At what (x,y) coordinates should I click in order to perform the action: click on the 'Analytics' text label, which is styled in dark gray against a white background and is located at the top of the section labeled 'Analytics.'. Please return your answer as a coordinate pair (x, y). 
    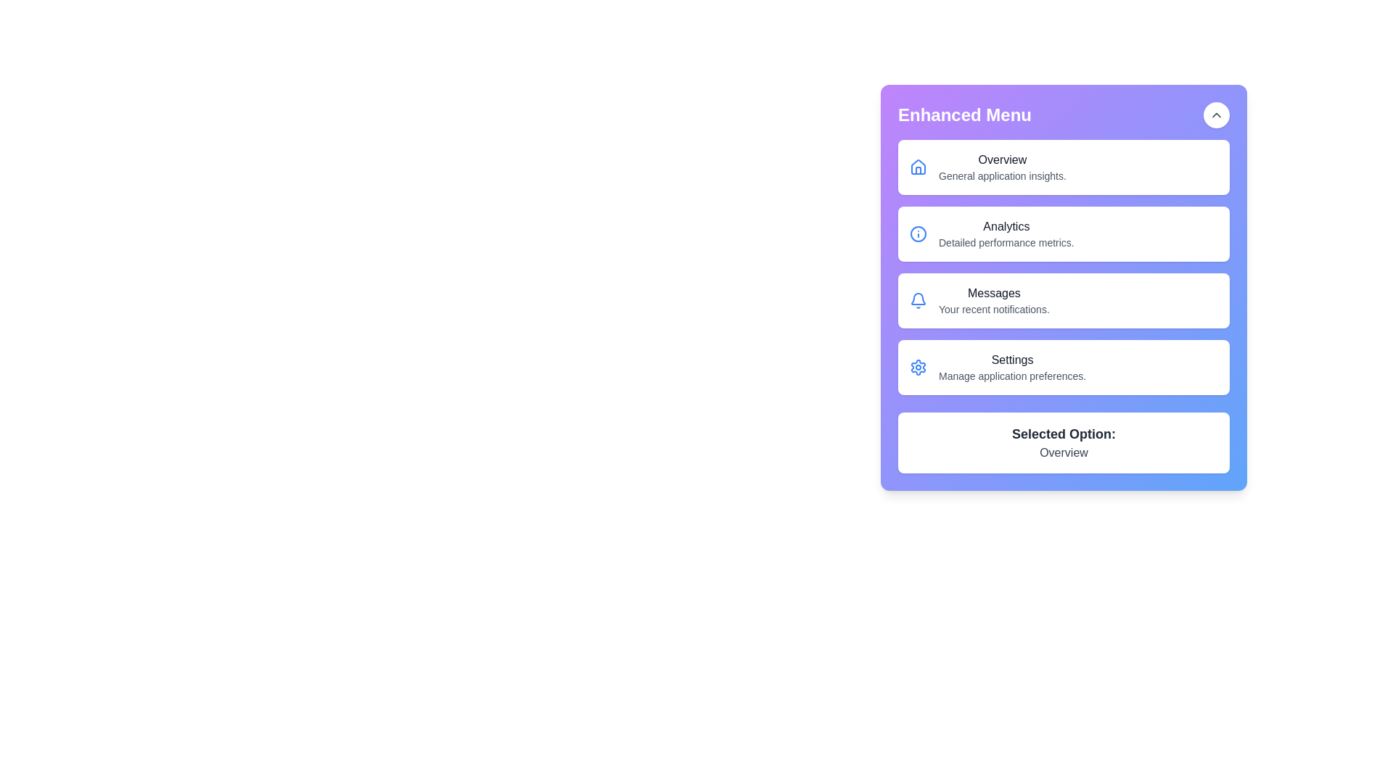
    Looking at the image, I should click on (1006, 226).